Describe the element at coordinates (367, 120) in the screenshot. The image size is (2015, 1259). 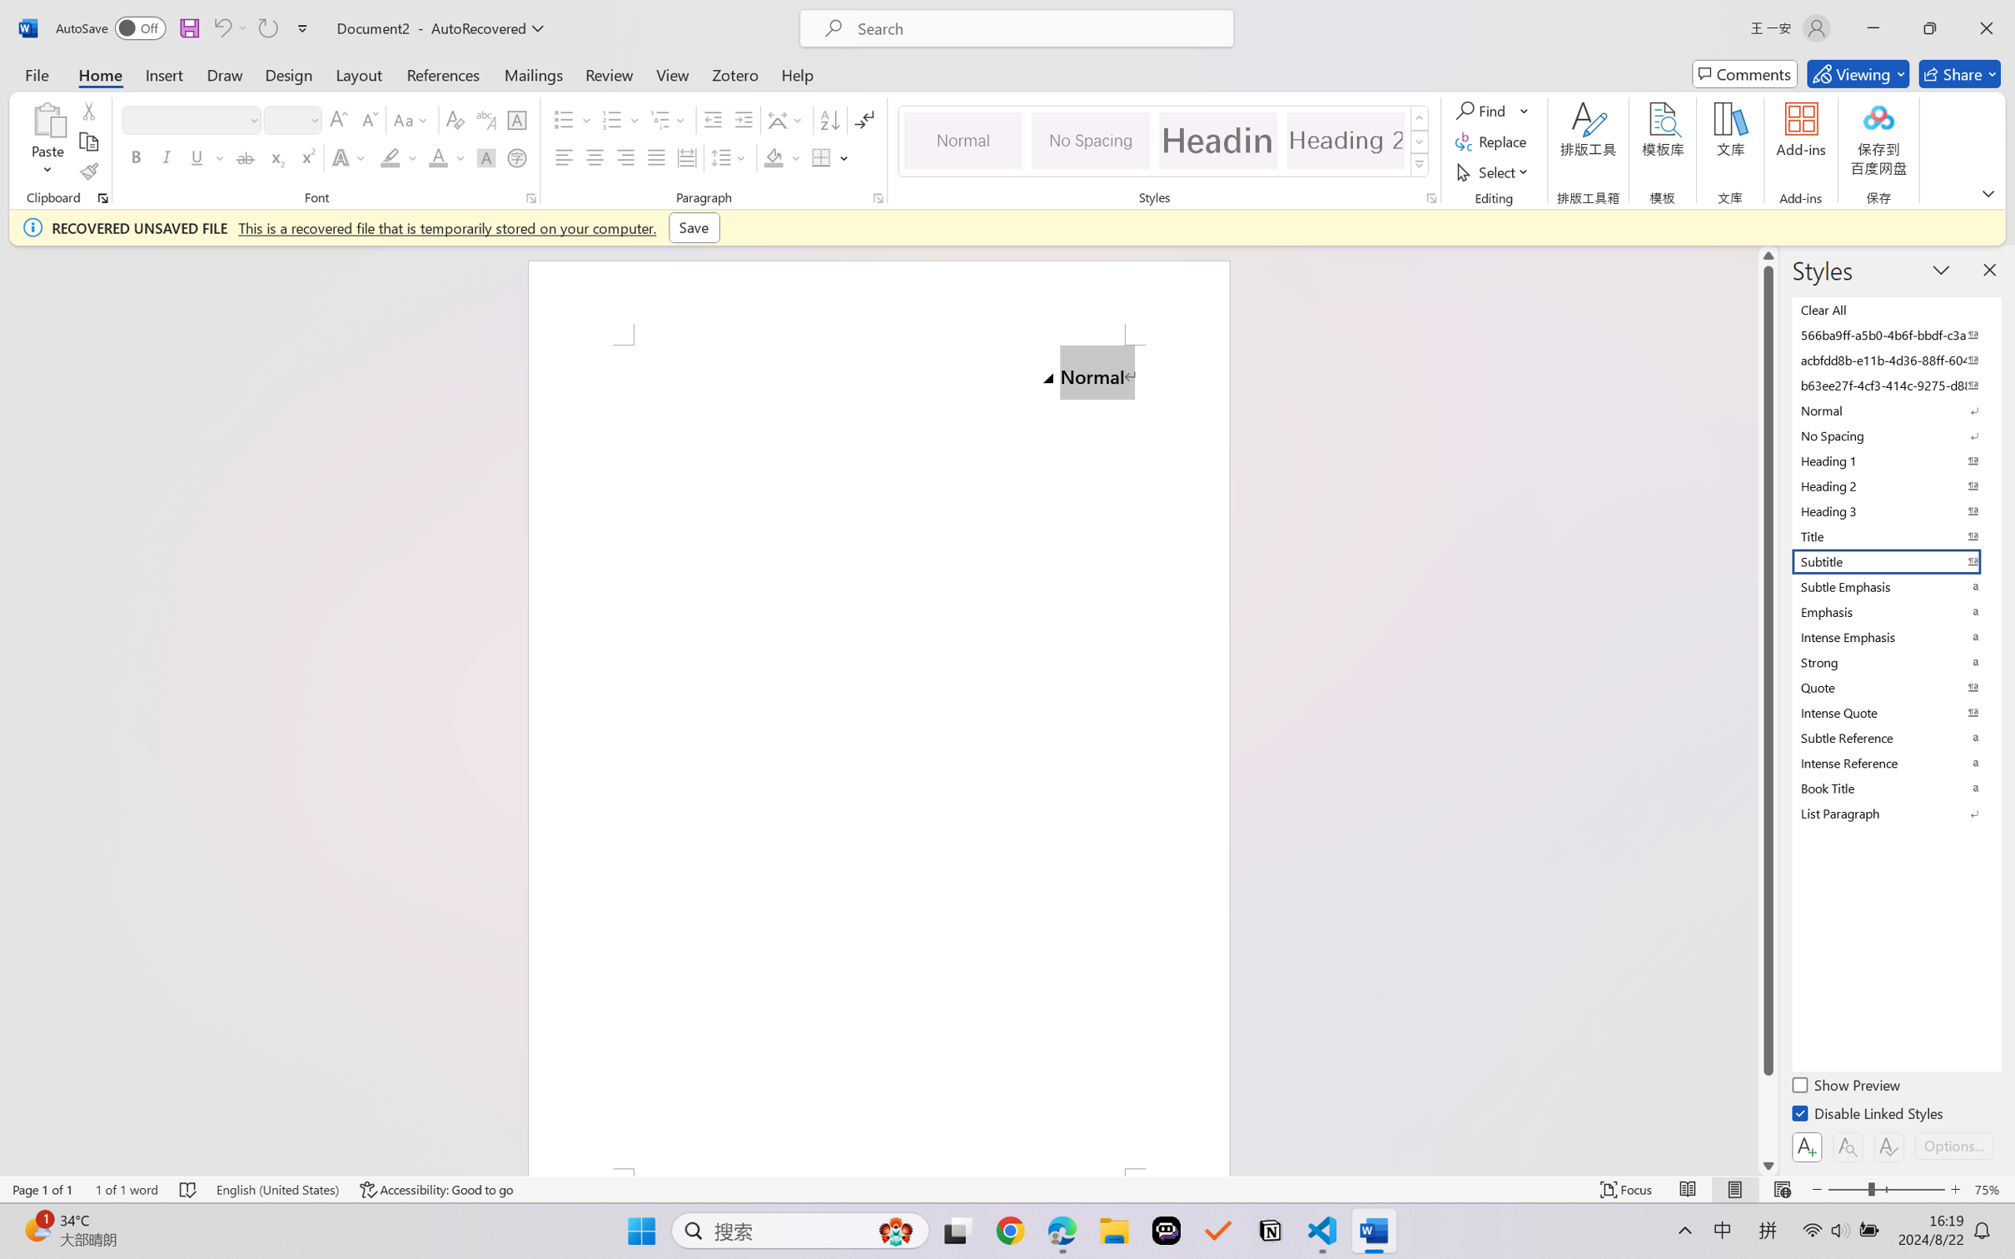
I see `'Shrink Font'` at that location.